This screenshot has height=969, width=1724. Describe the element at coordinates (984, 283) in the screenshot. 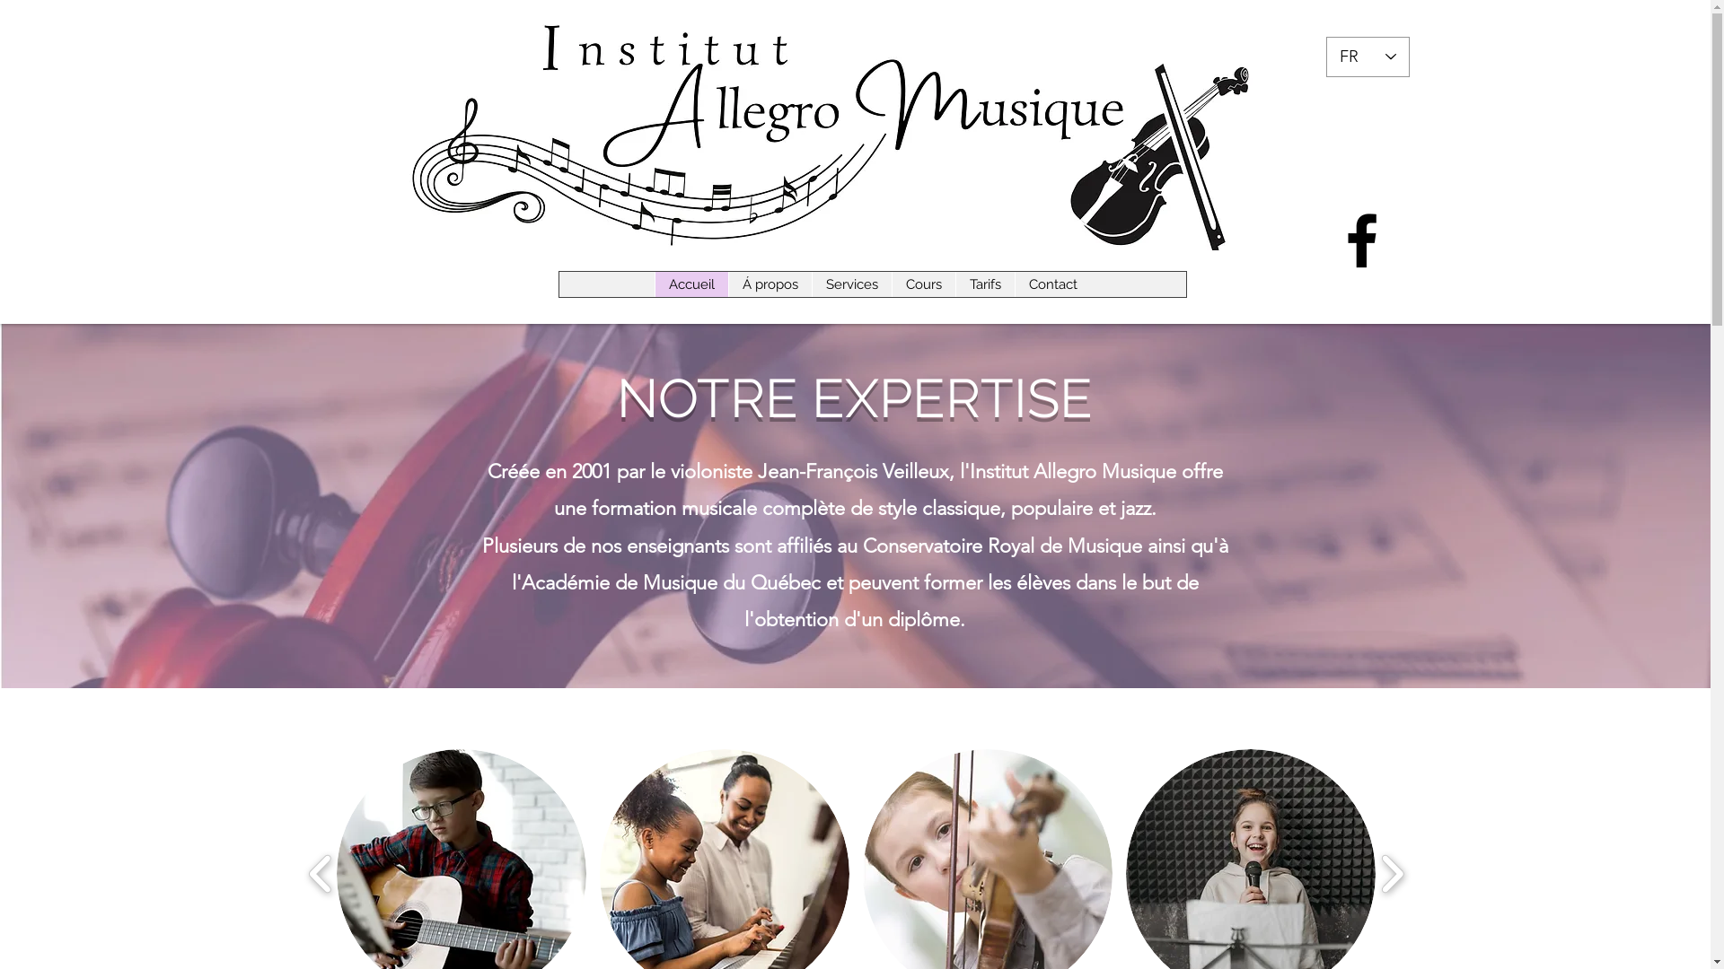

I see `'Tarifs'` at that location.